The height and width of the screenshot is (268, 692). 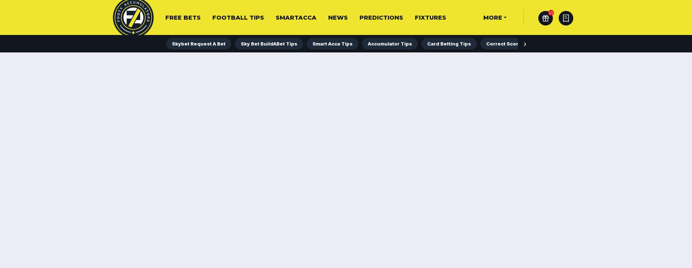 I want to click on 'News', so click(x=337, y=17).